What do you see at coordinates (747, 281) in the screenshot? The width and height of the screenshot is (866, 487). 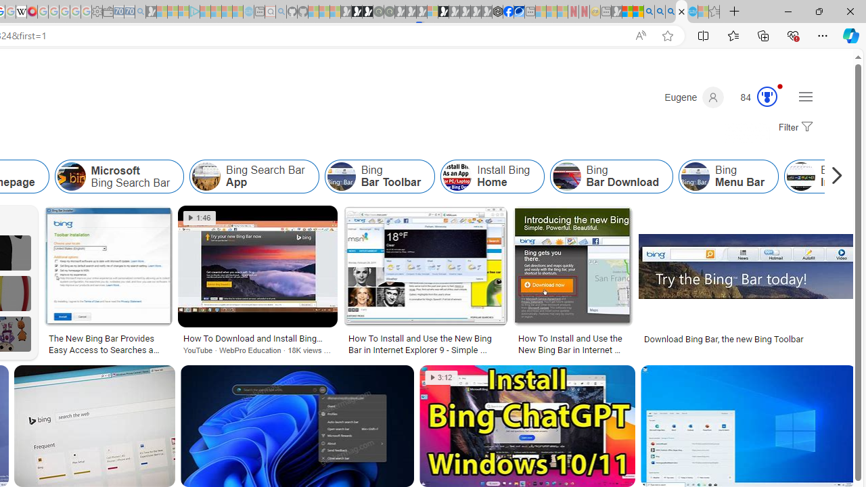 I see `'Download Bing Bar, the new Bing ToolbarSave'` at bounding box center [747, 281].